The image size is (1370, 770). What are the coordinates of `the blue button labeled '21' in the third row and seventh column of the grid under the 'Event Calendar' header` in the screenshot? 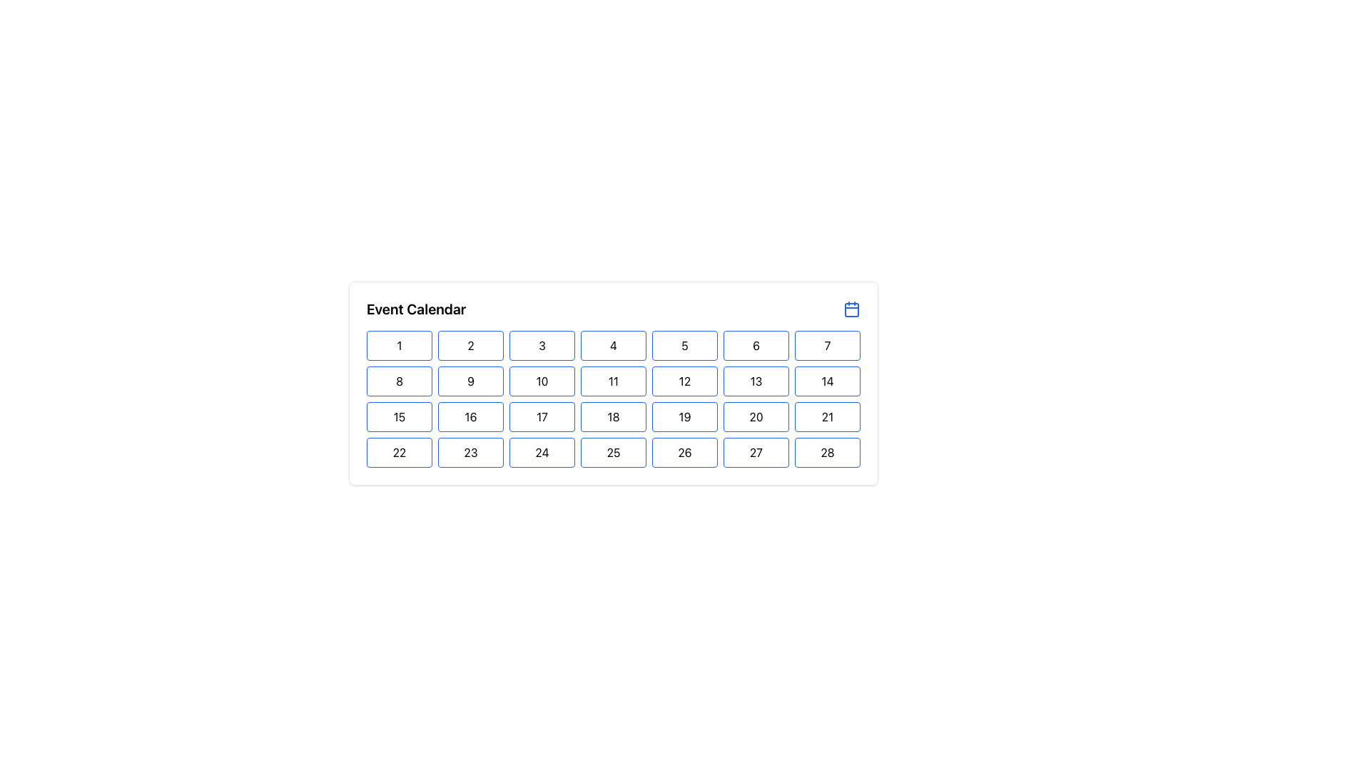 It's located at (828, 417).